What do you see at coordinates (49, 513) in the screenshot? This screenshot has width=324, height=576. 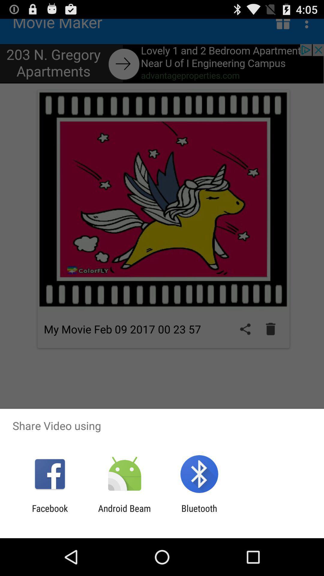 I see `icon to the left of android beam icon` at bounding box center [49, 513].